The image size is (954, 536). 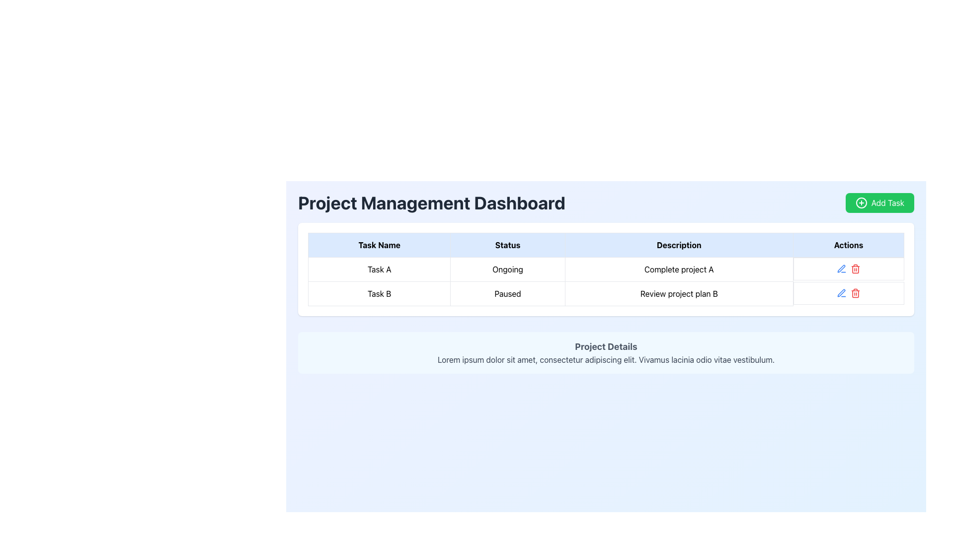 What do you see at coordinates (855, 292) in the screenshot?
I see `the red trash can icon button located in the actions section of the 'Task B' row` at bounding box center [855, 292].